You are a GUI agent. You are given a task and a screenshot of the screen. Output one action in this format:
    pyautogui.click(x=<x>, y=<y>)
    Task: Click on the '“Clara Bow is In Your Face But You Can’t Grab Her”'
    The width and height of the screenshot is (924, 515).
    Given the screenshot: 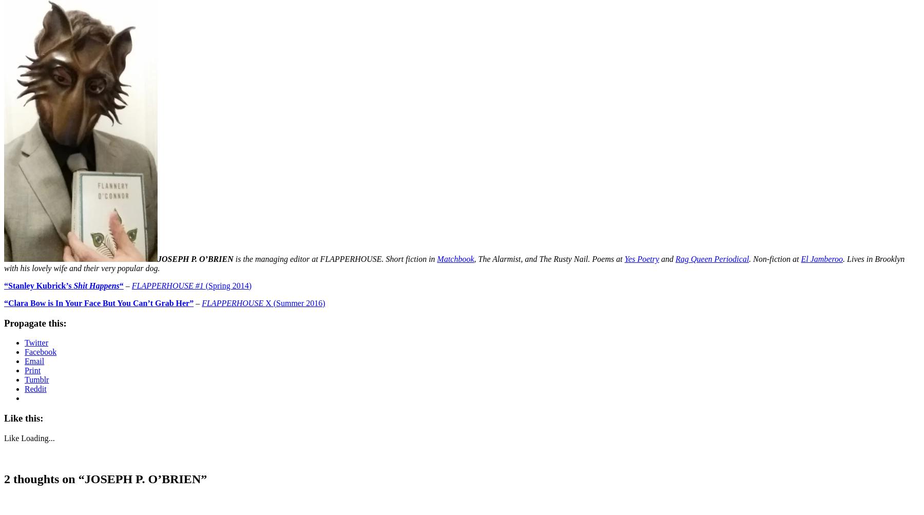 What is the action you would take?
    pyautogui.click(x=99, y=302)
    